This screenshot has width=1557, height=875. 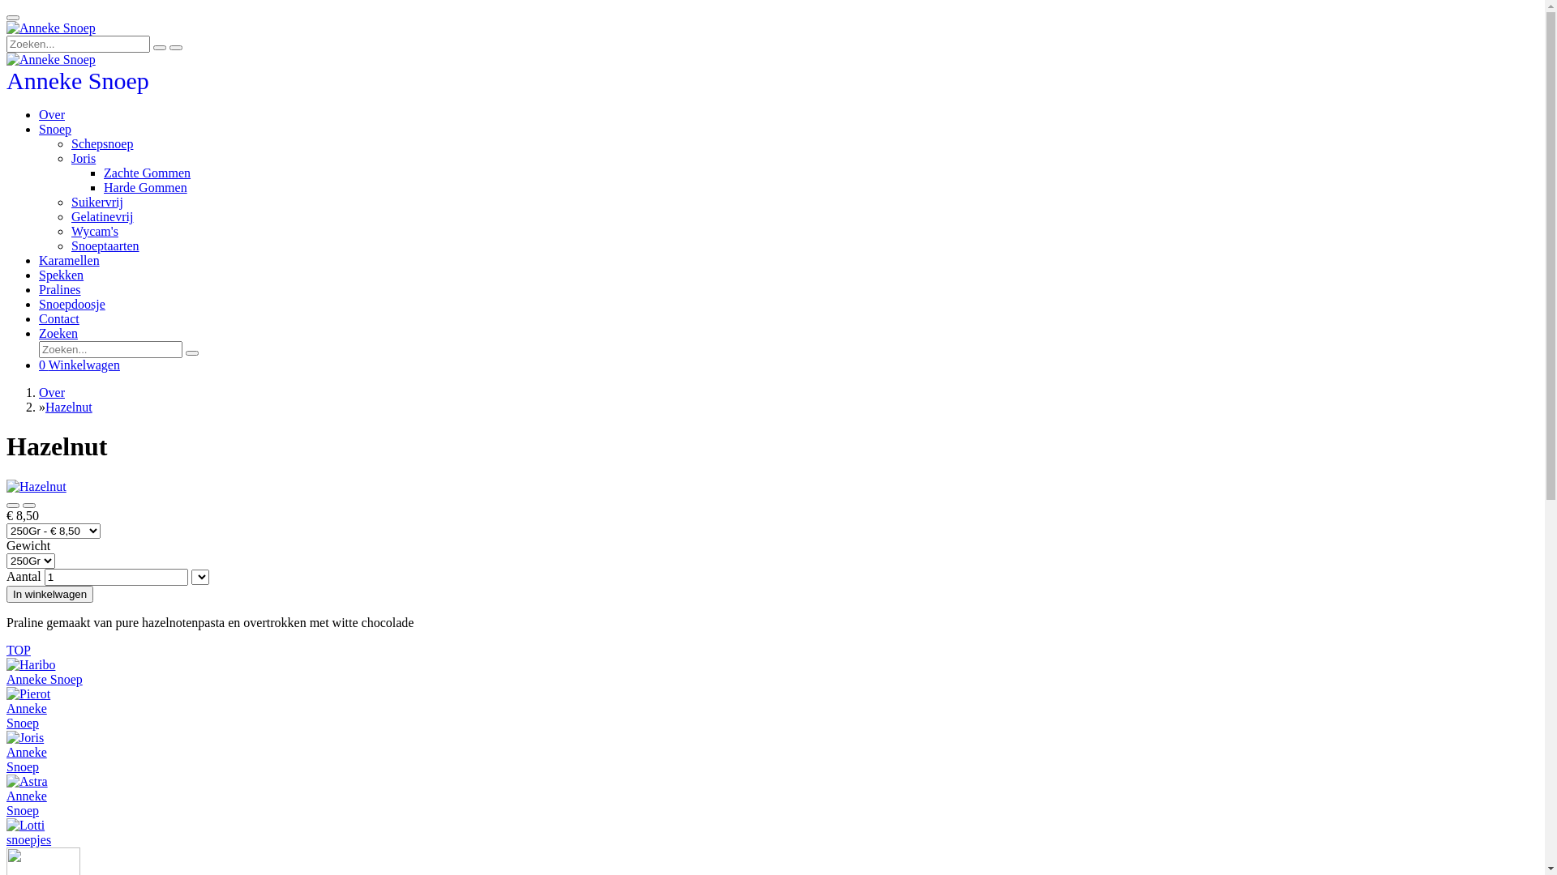 What do you see at coordinates (54, 128) in the screenshot?
I see `'Snoep'` at bounding box center [54, 128].